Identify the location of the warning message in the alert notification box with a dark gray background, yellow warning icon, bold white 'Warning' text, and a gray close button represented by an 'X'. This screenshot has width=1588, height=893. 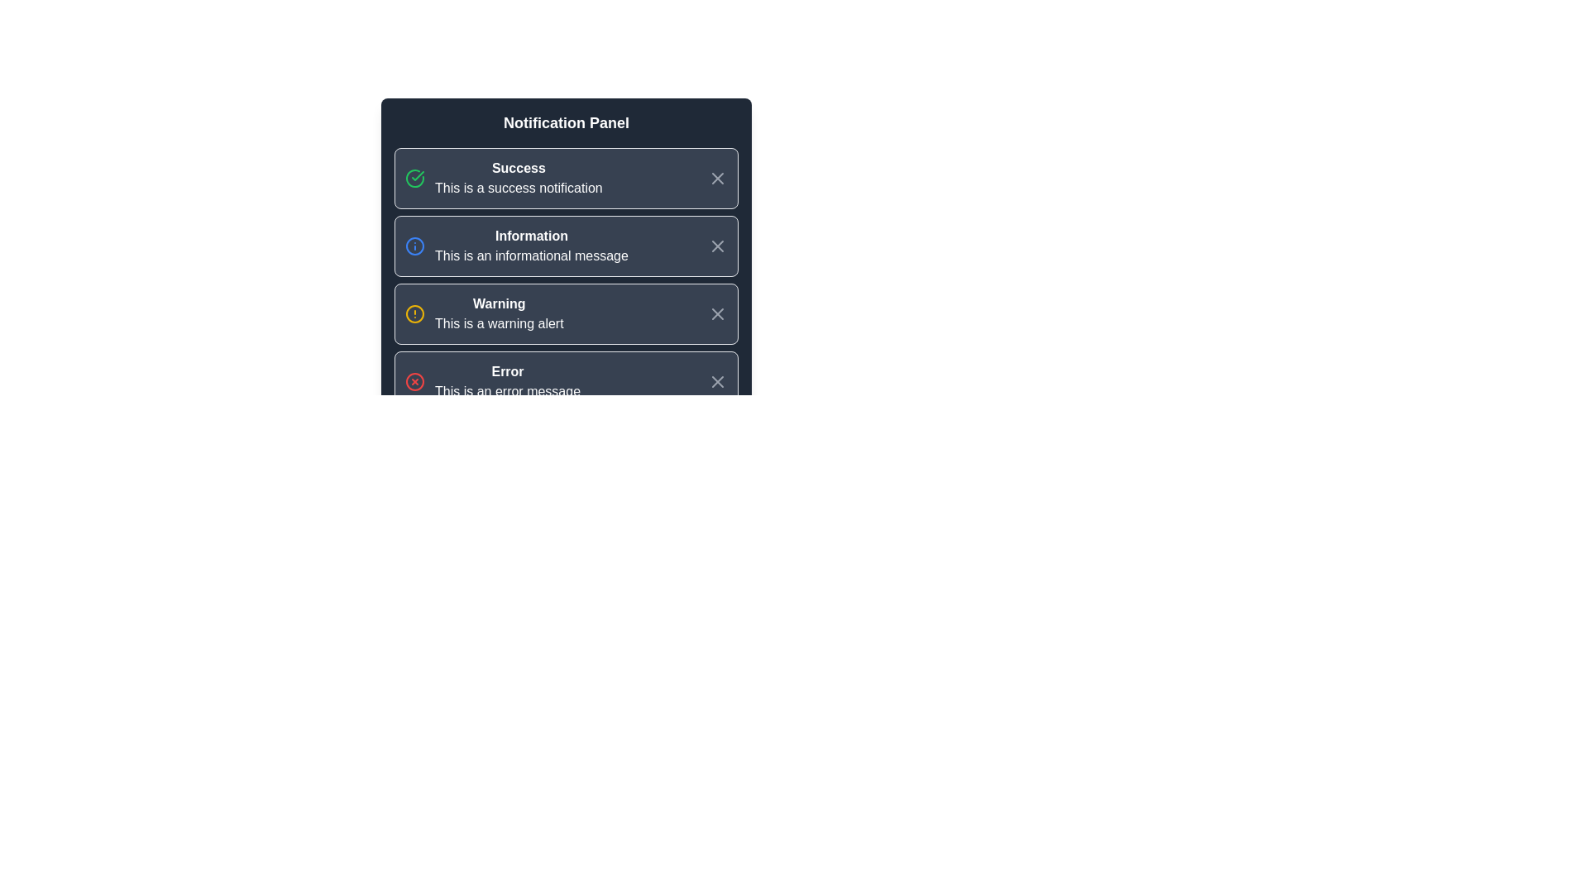
(567, 314).